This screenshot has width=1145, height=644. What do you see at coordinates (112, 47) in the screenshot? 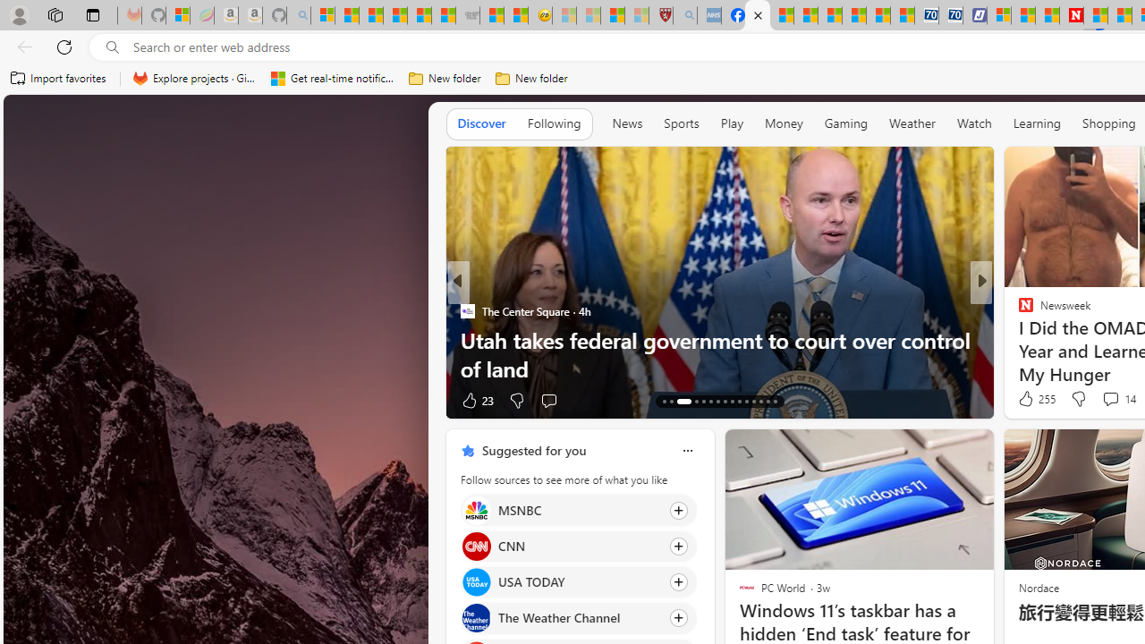
I see `'Search icon'` at bounding box center [112, 47].